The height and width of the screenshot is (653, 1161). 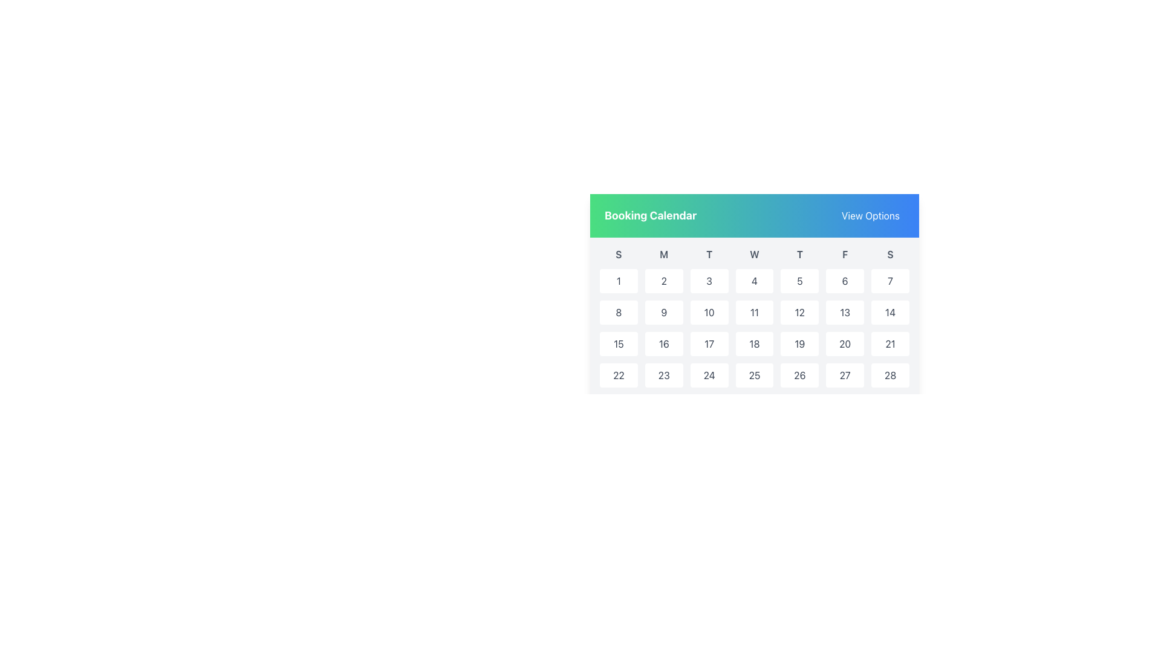 What do you see at coordinates (663, 311) in the screenshot?
I see `the rounded rectangular button with a white background and the number '9' centered inside` at bounding box center [663, 311].